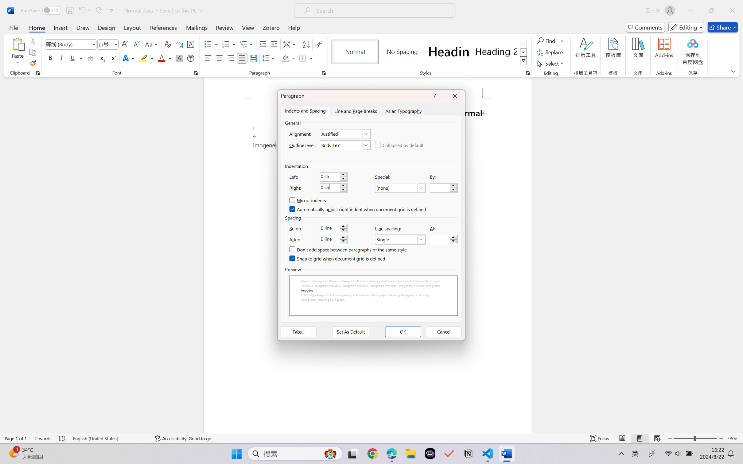 Image resolution: width=743 pixels, height=464 pixels. Describe the element at coordinates (337, 259) in the screenshot. I see `'Snap to grid when document grid is defined'` at that location.